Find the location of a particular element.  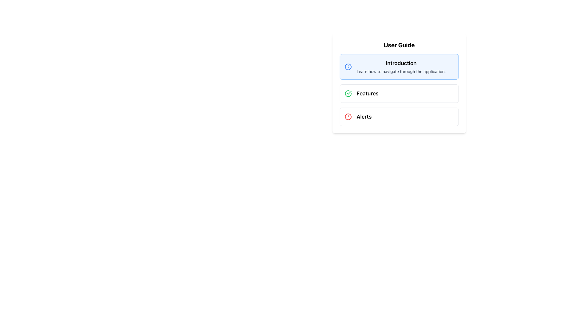

the 'Features' button, which is the second button within the 'User Guide' section is located at coordinates (399, 94).